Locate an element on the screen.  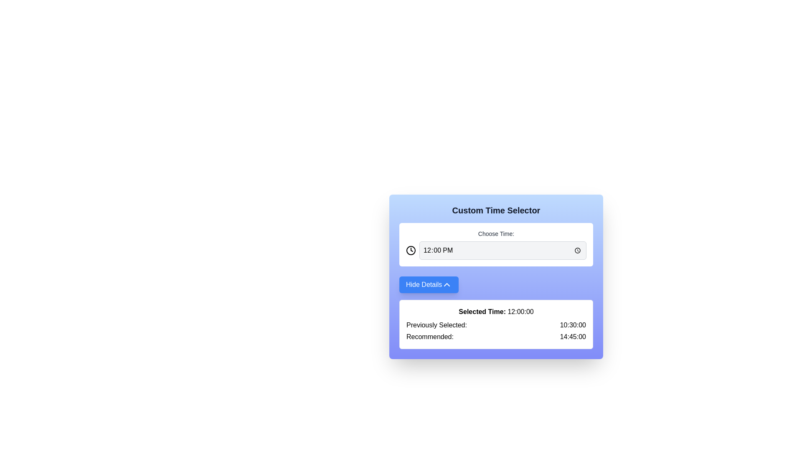
the rectangular button with rounded corners that has a blue background and white text reading 'Hide Details', located below the 'Choose Time' section, to change its background color is located at coordinates (429, 284).